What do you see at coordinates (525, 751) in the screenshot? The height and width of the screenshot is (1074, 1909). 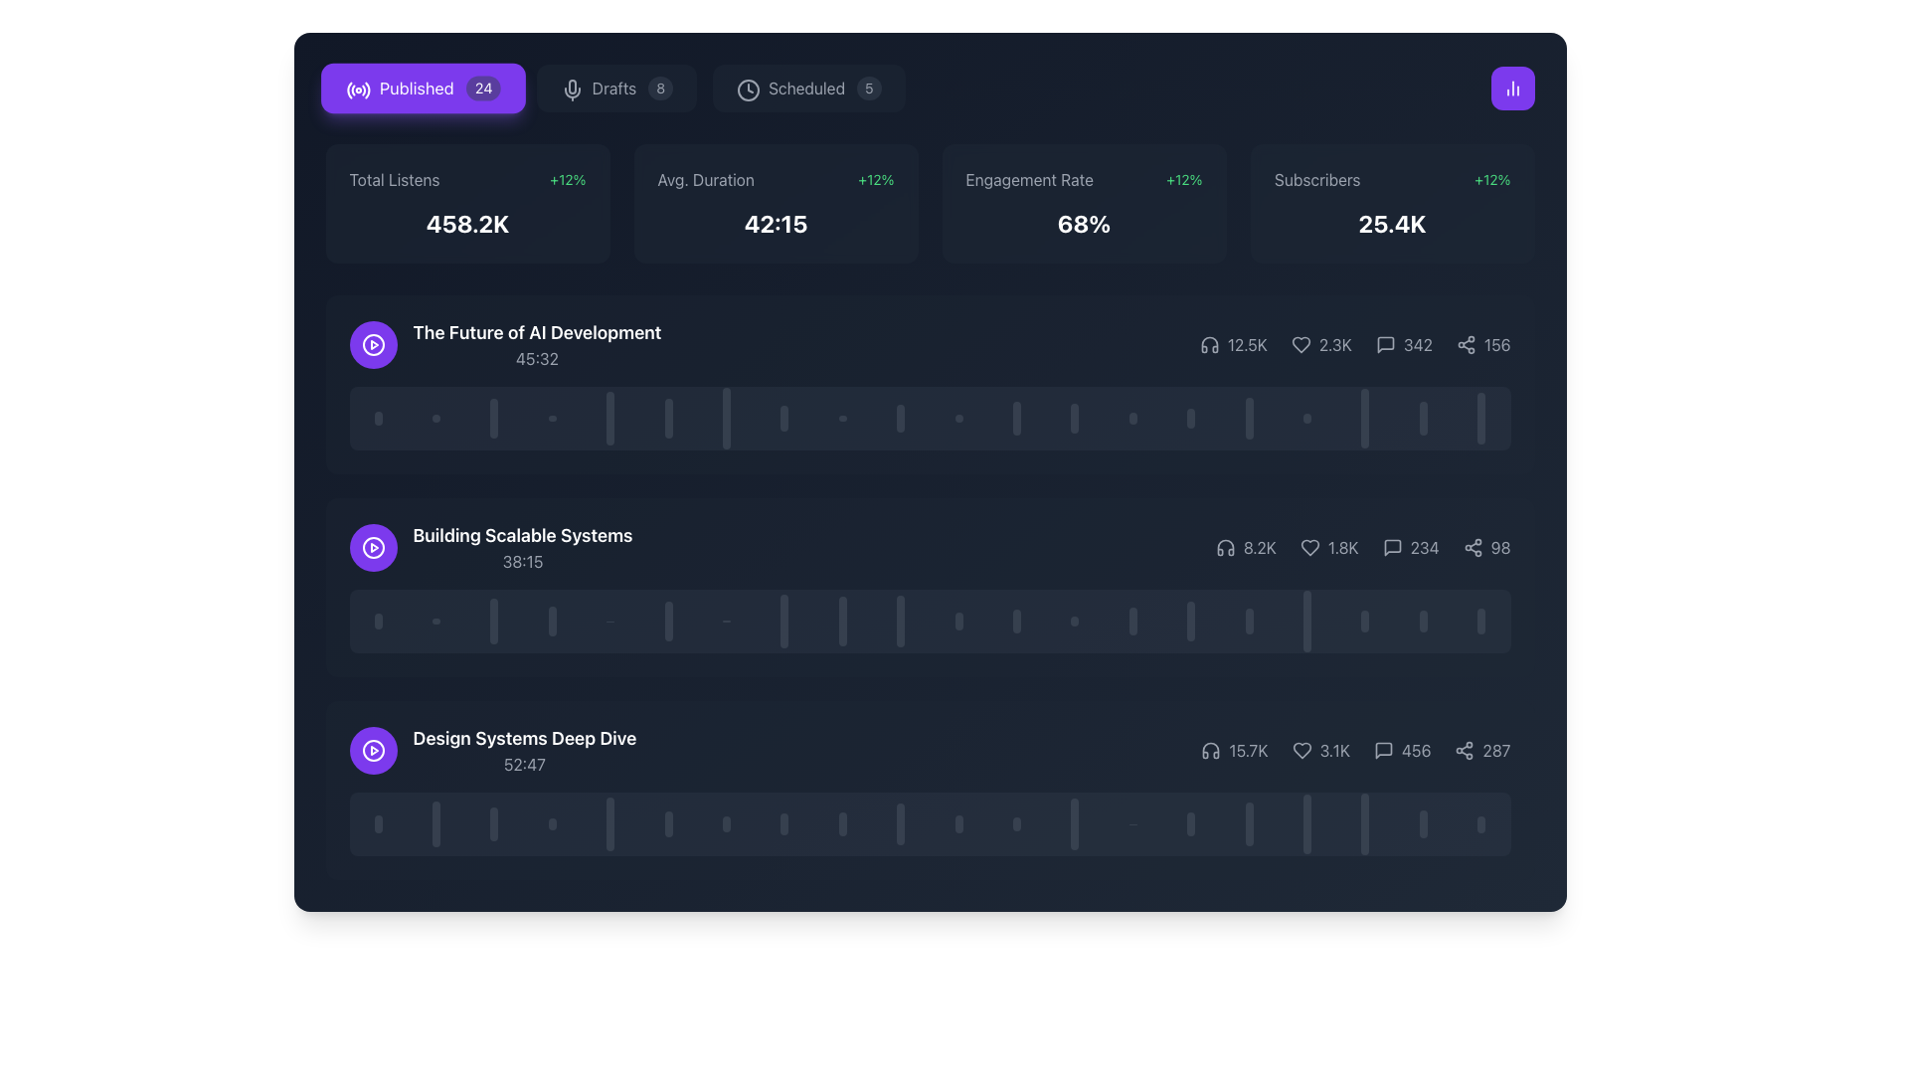 I see `the text cluster that serves as the title and duration of a media item, located in the lower portion of a vertical list, specifically the third entry after 'Building Scalable Systems'` at bounding box center [525, 751].